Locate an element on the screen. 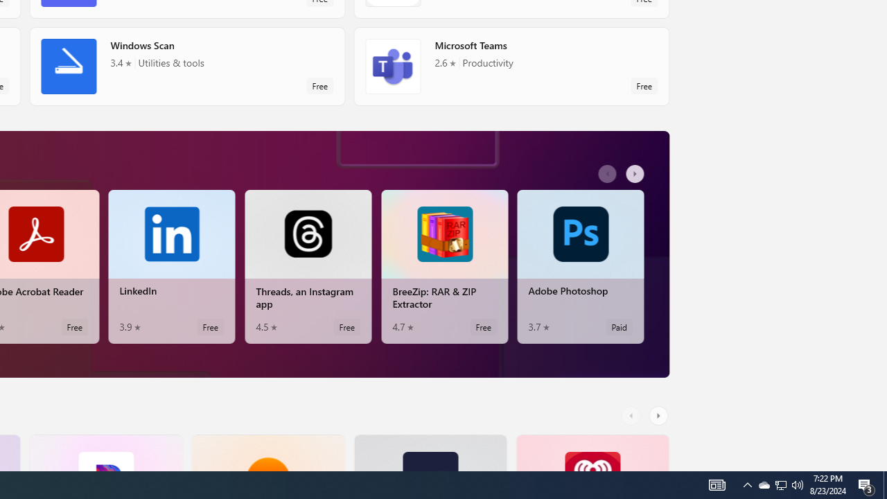 Image resolution: width=887 pixels, height=499 pixels. 'LinkedIn. Average rating of 3.9 out of five stars. Free  ' is located at coordinates (170, 266).